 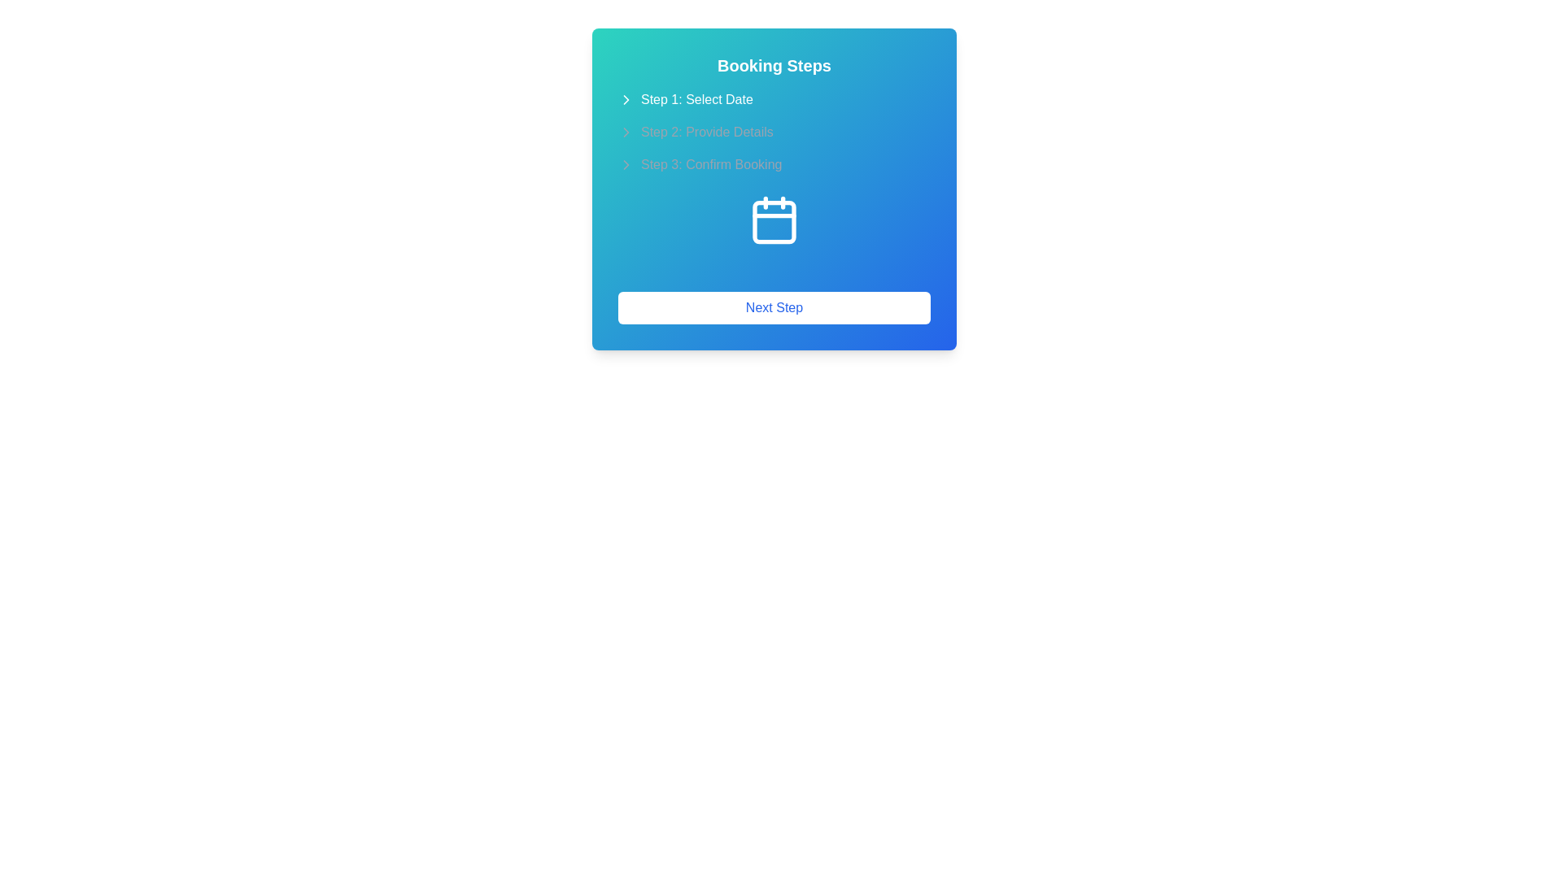 What do you see at coordinates (773, 222) in the screenshot?
I see `the central rectangular component with rounded corners located within the calendar icon` at bounding box center [773, 222].